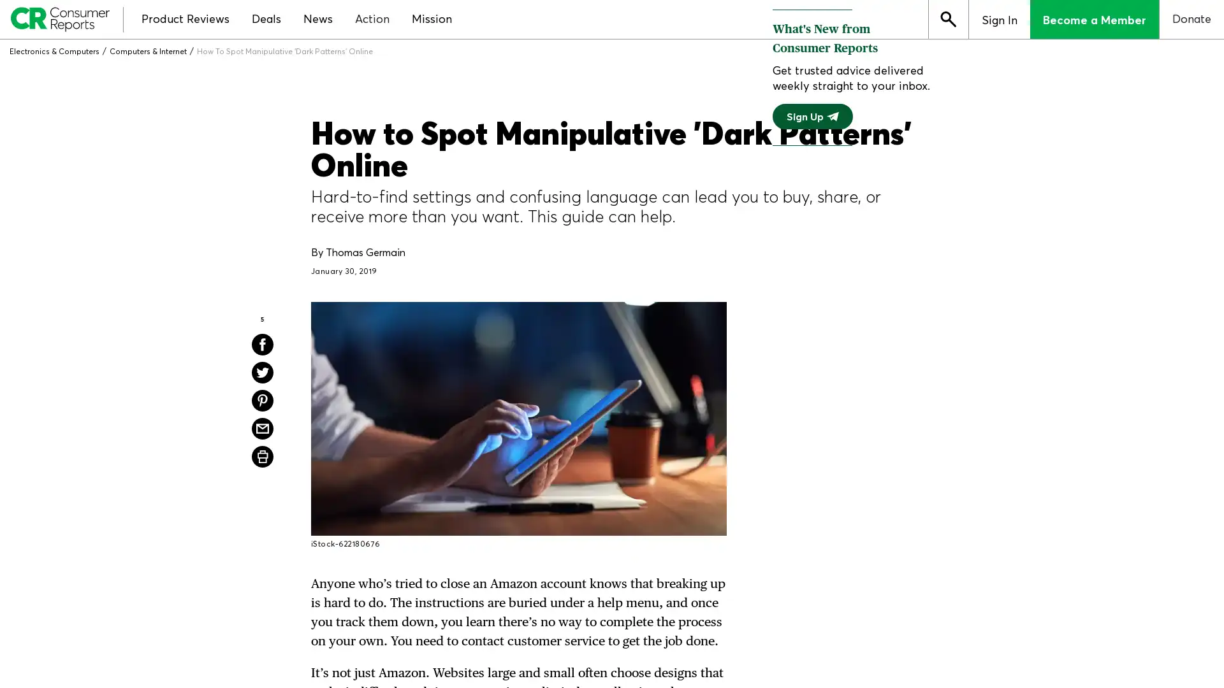  What do you see at coordinates (262, 456) in the screenshot?
I see `print article` at bounding box center [262, 456].